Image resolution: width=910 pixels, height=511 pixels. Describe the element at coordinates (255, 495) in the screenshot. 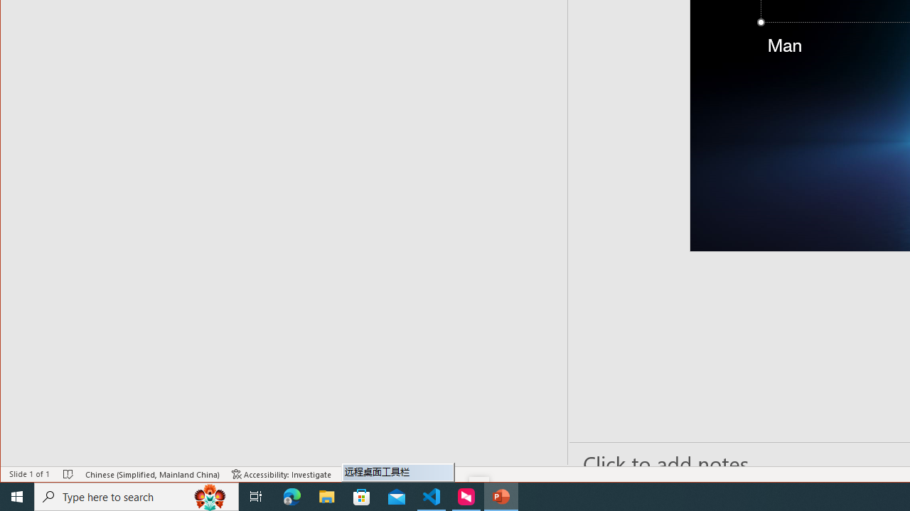

I see `'Task View'` at that location.